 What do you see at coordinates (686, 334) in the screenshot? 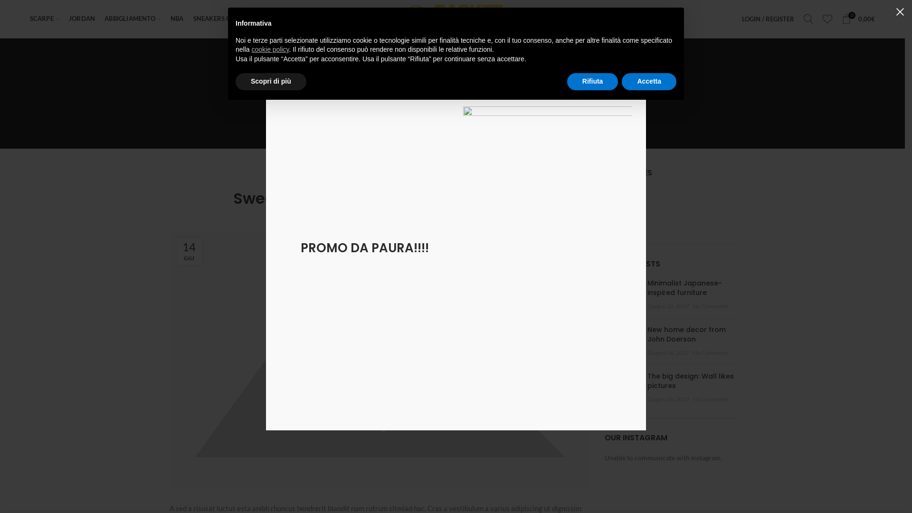
I see `'New home decor from John Doerson'` at bounding box center [686, 334].